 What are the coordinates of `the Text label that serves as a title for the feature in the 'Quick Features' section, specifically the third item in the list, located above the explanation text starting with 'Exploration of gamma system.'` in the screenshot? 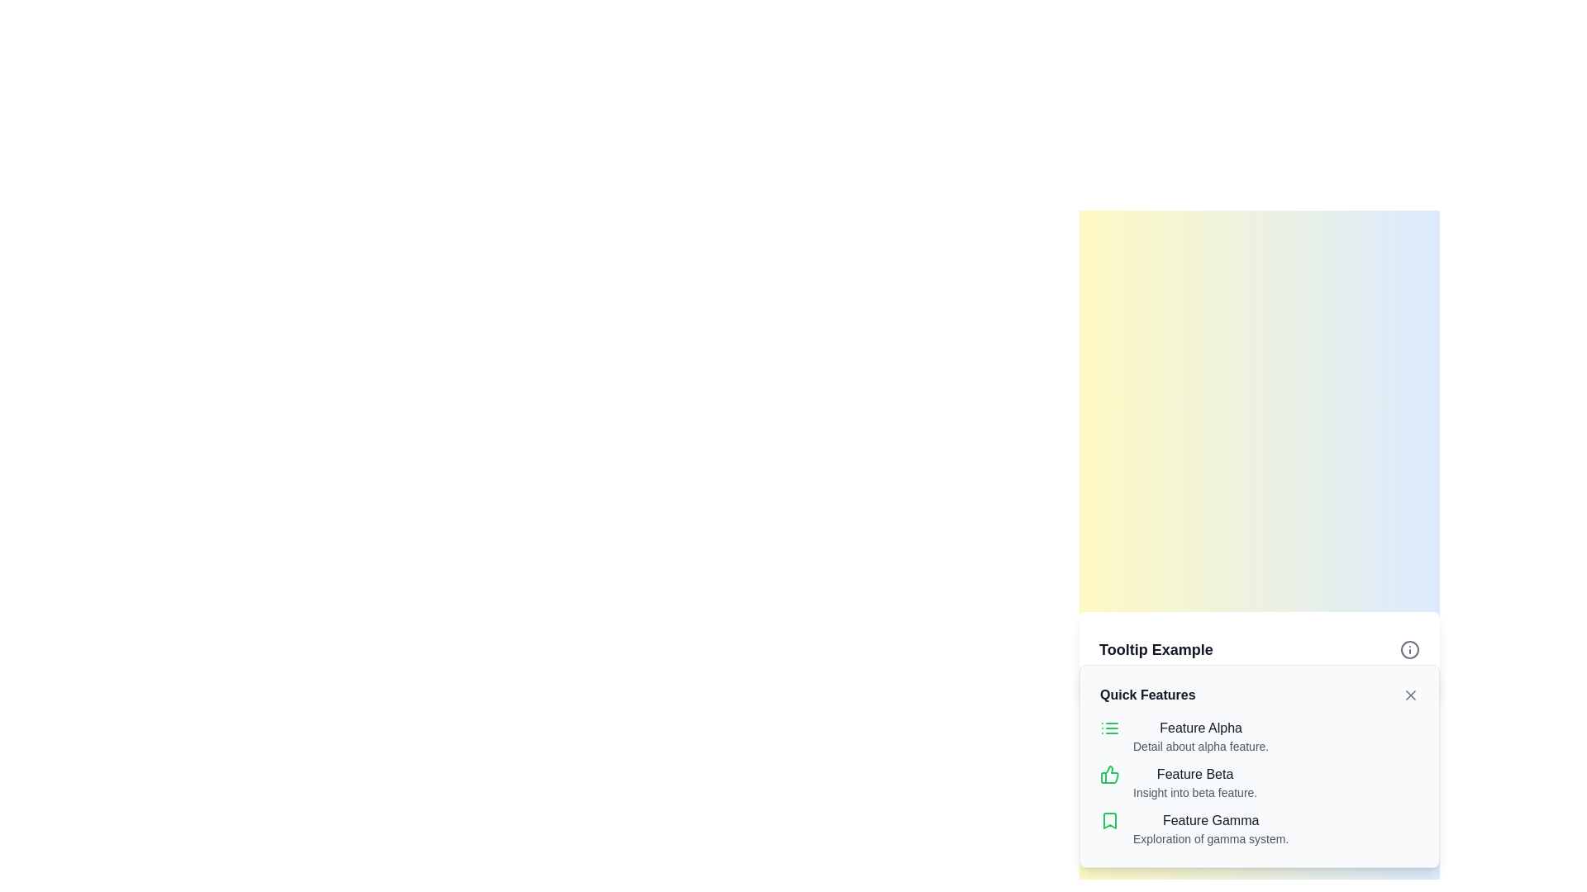 It's located at (1211, 821).